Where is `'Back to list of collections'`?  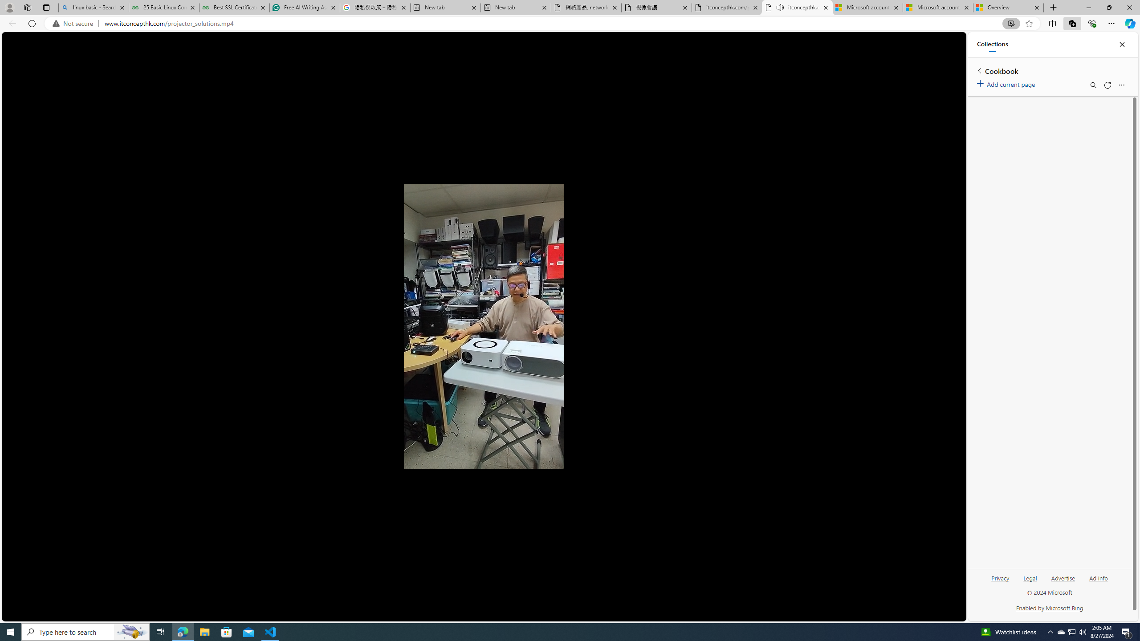
'Back to list of collections' is located at coordinates (979, 70).